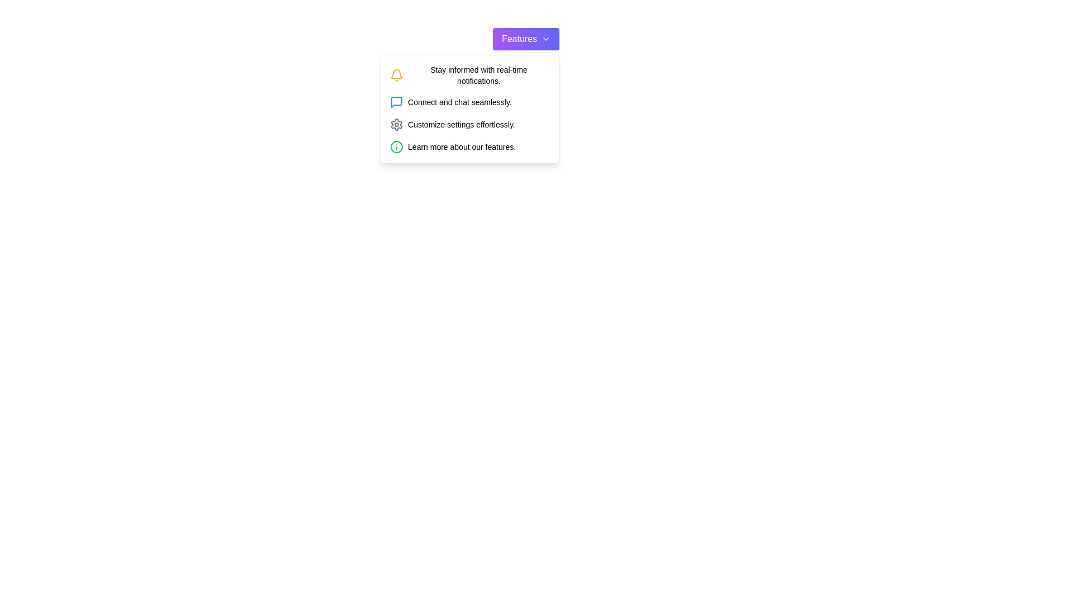  Describe the element at coordinates (397, 75) in the screenshot. I see `the notification icon, which is the first component in the flexbox and located to the left of the text 'Stay informed with real-time notifications.'` at that location.